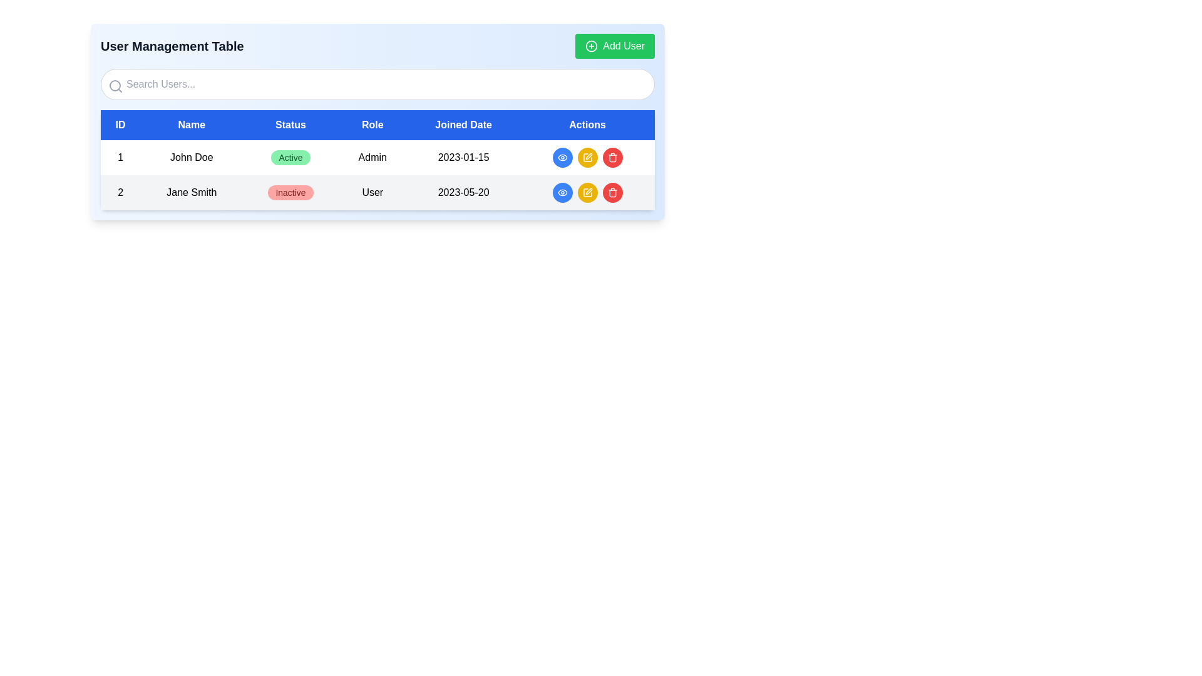 The height and width of the screenshot is (676, 1202). I want to click on the red delete button located in the 'Actions' column of the second row of the table, so click(612, 193).